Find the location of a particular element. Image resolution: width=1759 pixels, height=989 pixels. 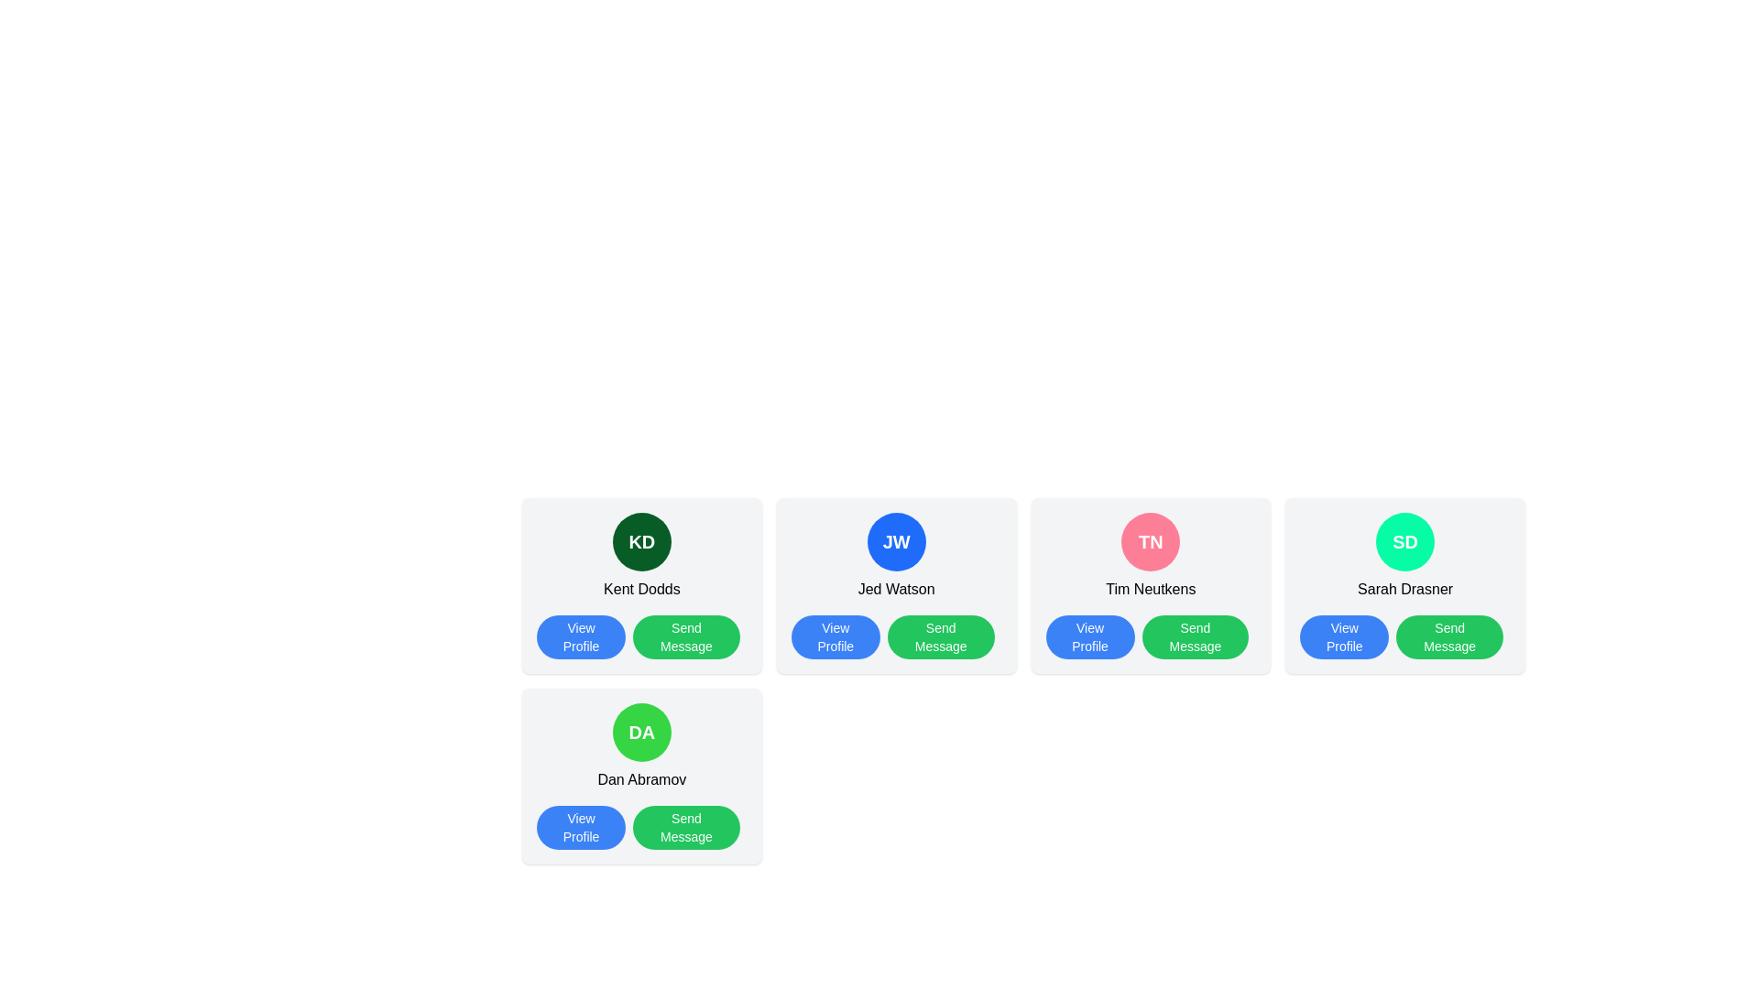

the circular Avatar icon with a green background and white 'DA' text, which is located at the center of the top region of the content box associated with 'Dan Abramov' is located at coordinates (641, 731).